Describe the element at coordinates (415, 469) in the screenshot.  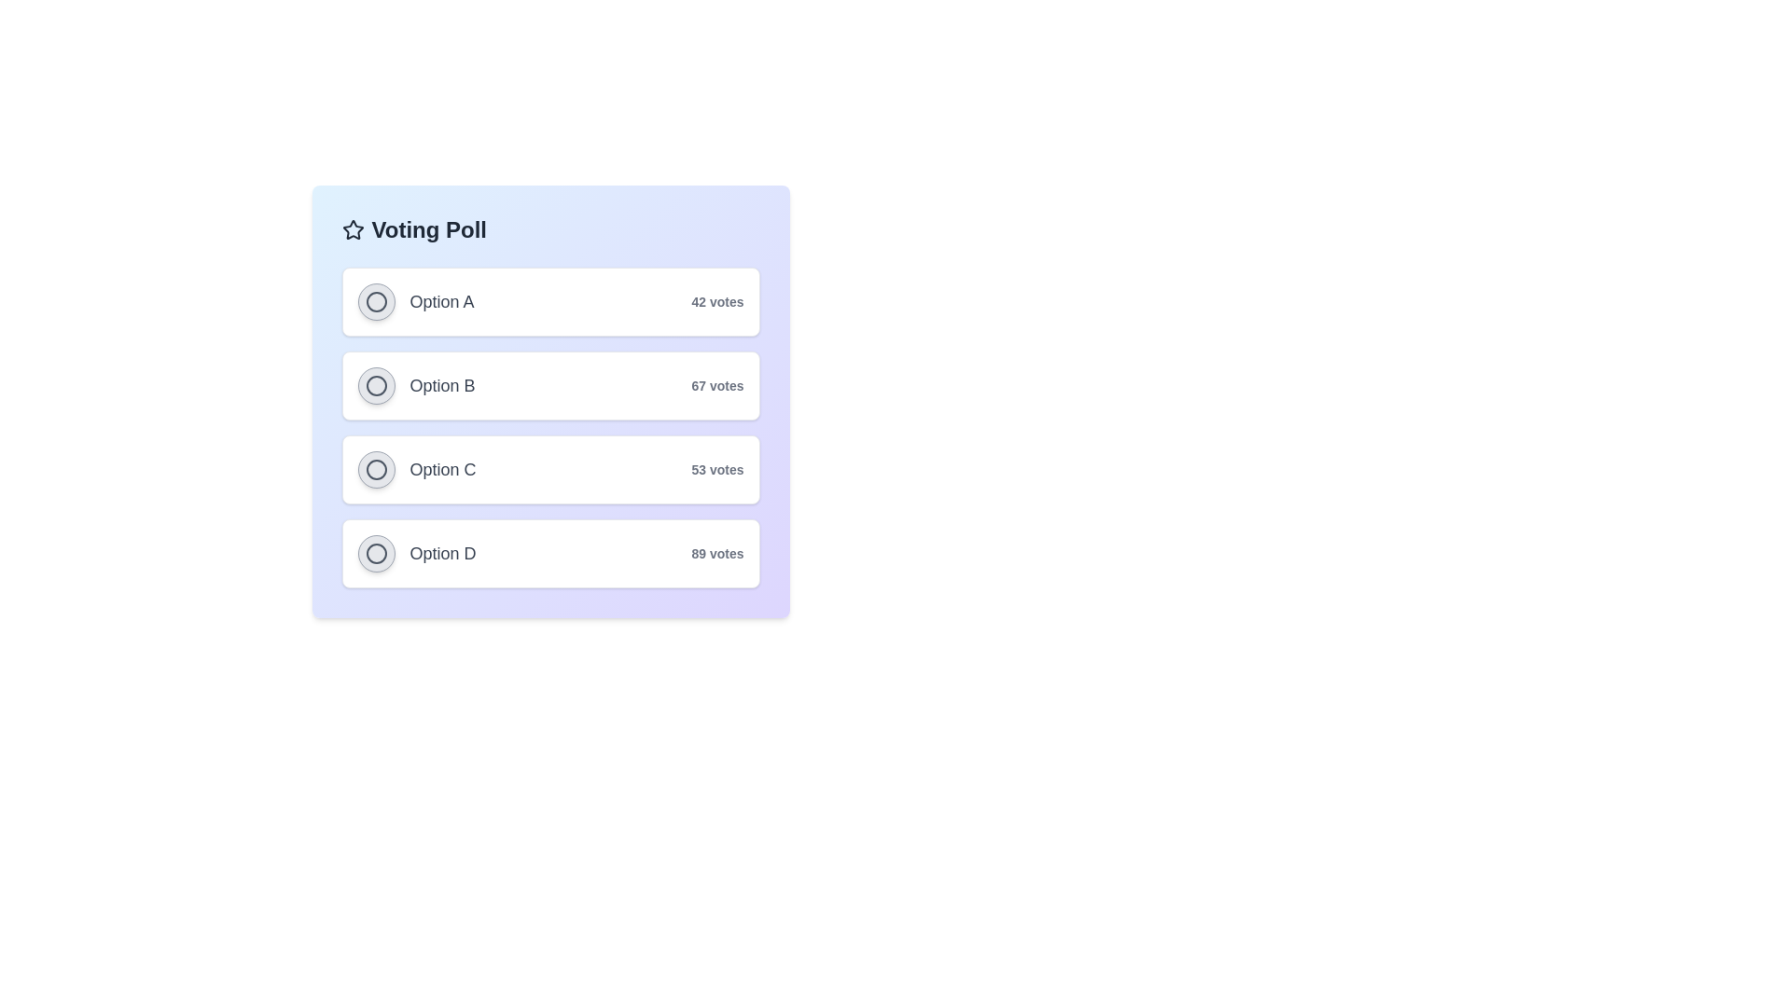
I see `the radio button` at that location.